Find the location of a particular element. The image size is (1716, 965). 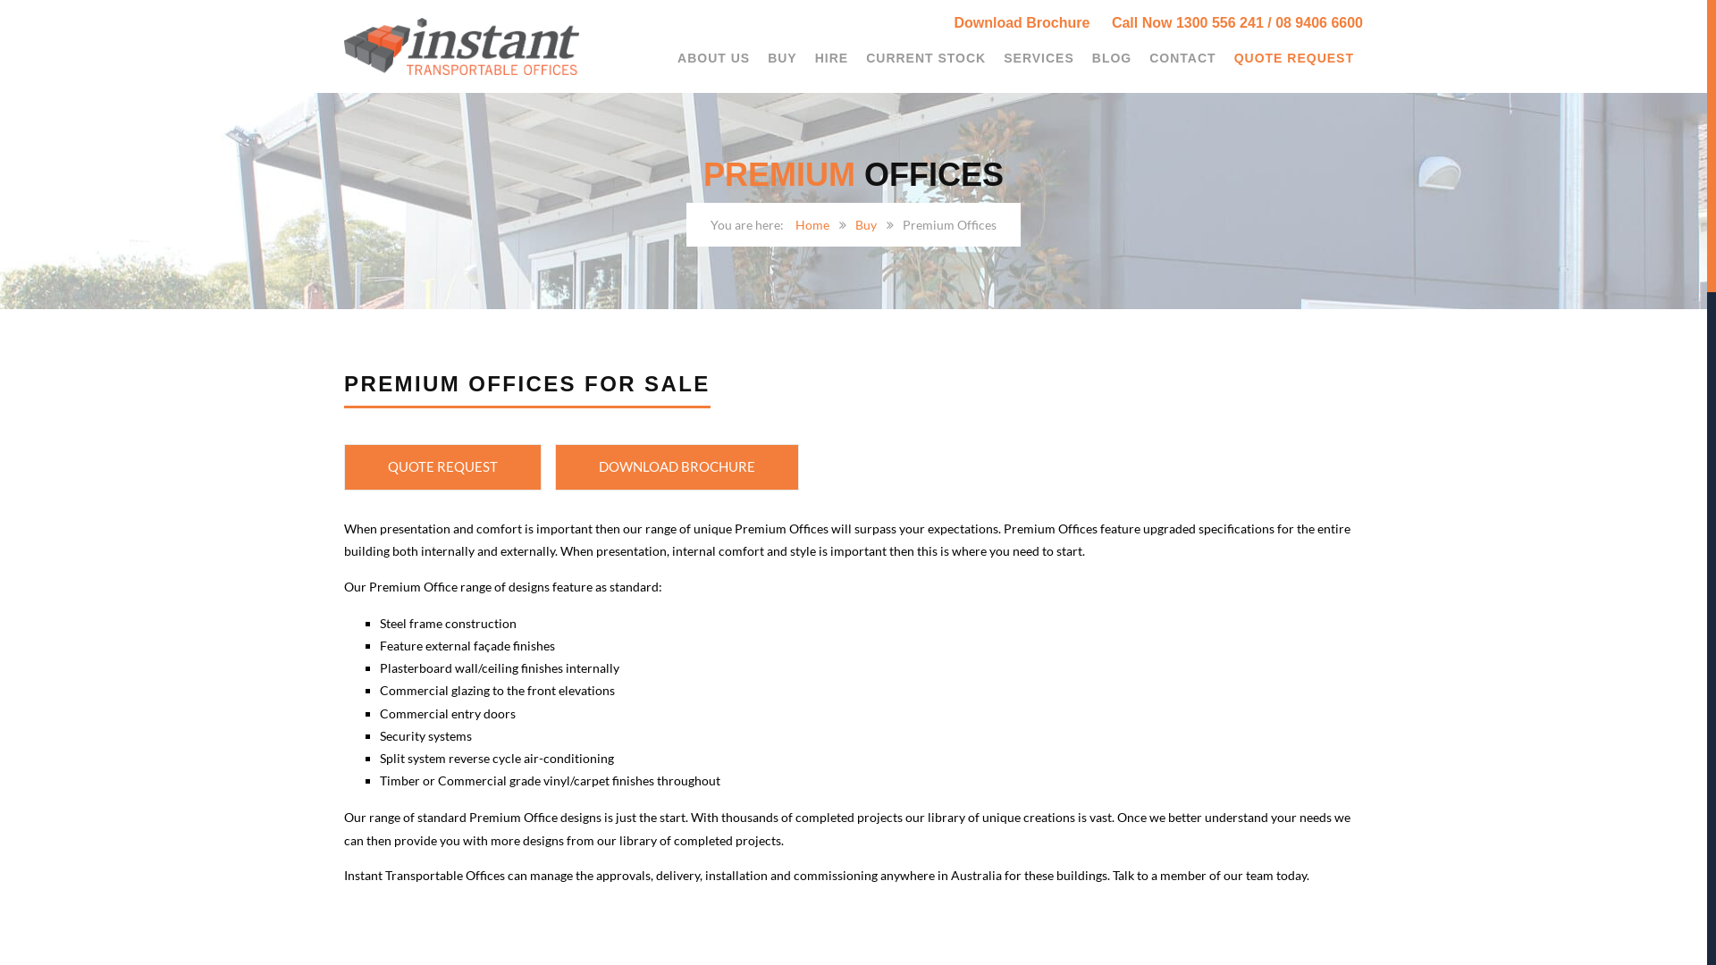

'QUOTE REQUEST' is located at coordinates (442, 466).